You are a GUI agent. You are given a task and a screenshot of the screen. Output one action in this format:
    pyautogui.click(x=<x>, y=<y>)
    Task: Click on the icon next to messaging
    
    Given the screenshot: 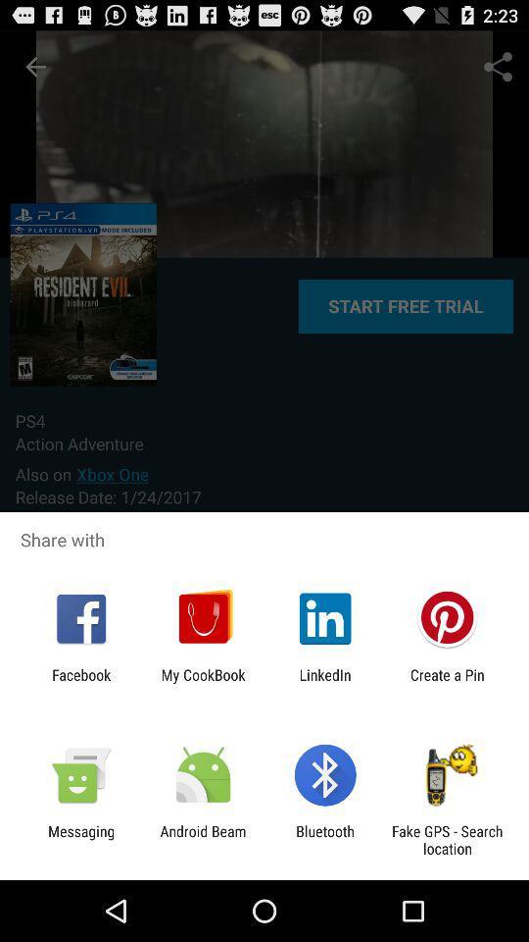 What is the action you would take?
    pyautogui.click(x=202, y=839)
    